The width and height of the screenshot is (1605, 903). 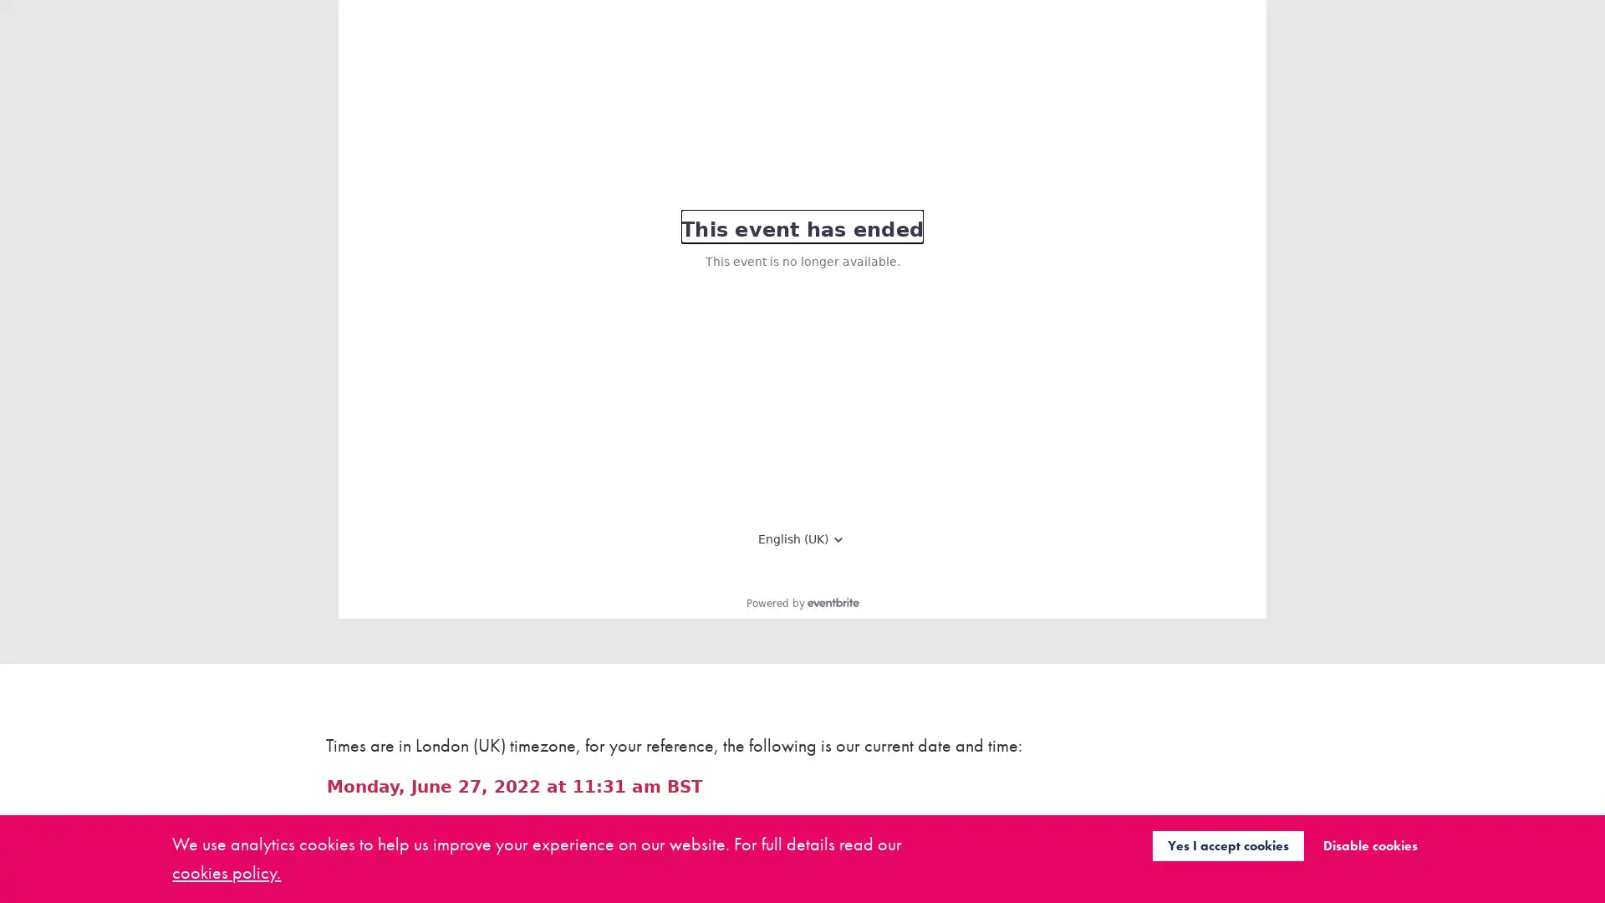 I want to click on Disable cookies, so click(x=1369, y=844).